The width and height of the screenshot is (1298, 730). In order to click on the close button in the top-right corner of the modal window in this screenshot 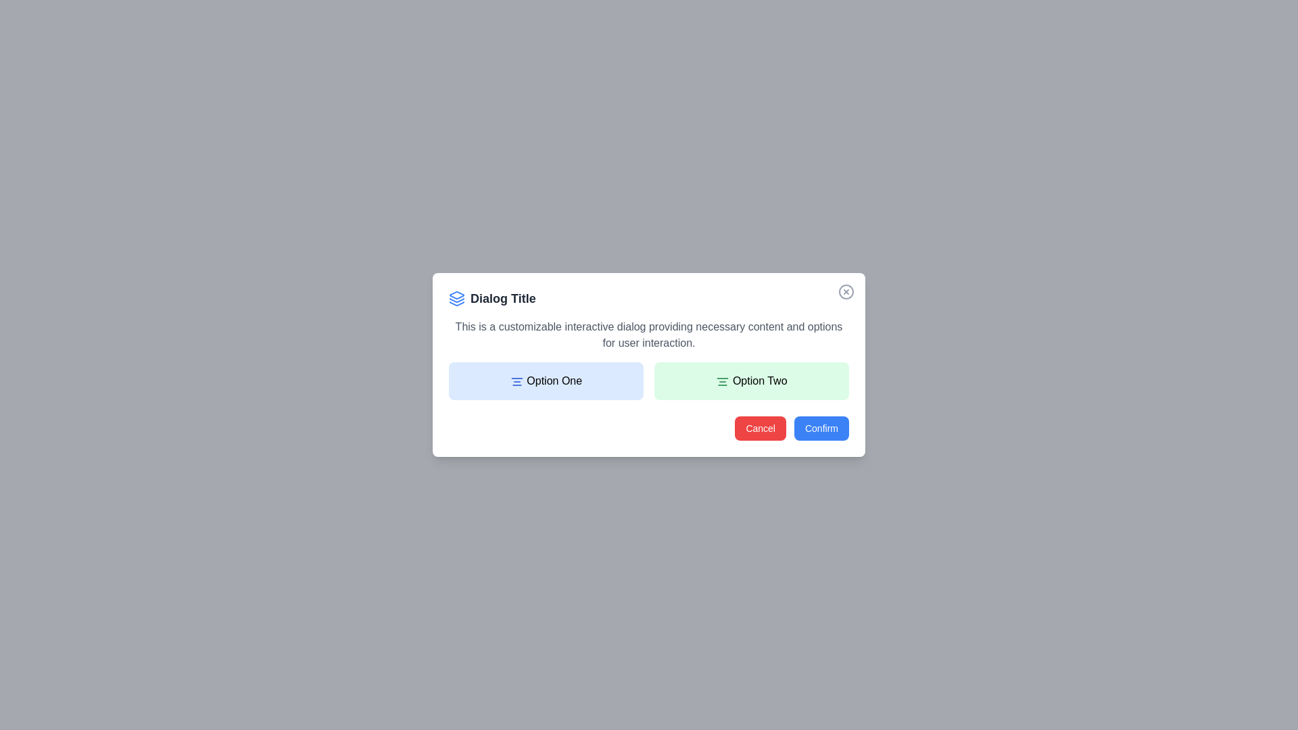, I will do `click(846, 291)`.